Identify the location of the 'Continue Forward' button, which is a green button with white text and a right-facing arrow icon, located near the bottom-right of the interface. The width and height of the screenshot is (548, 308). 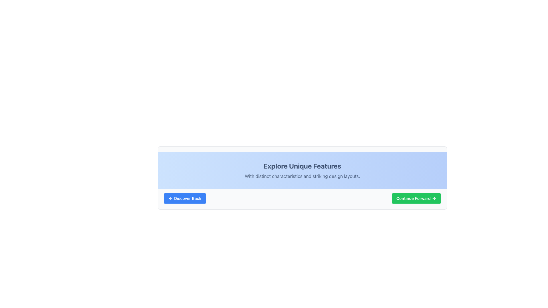
(416, 198).